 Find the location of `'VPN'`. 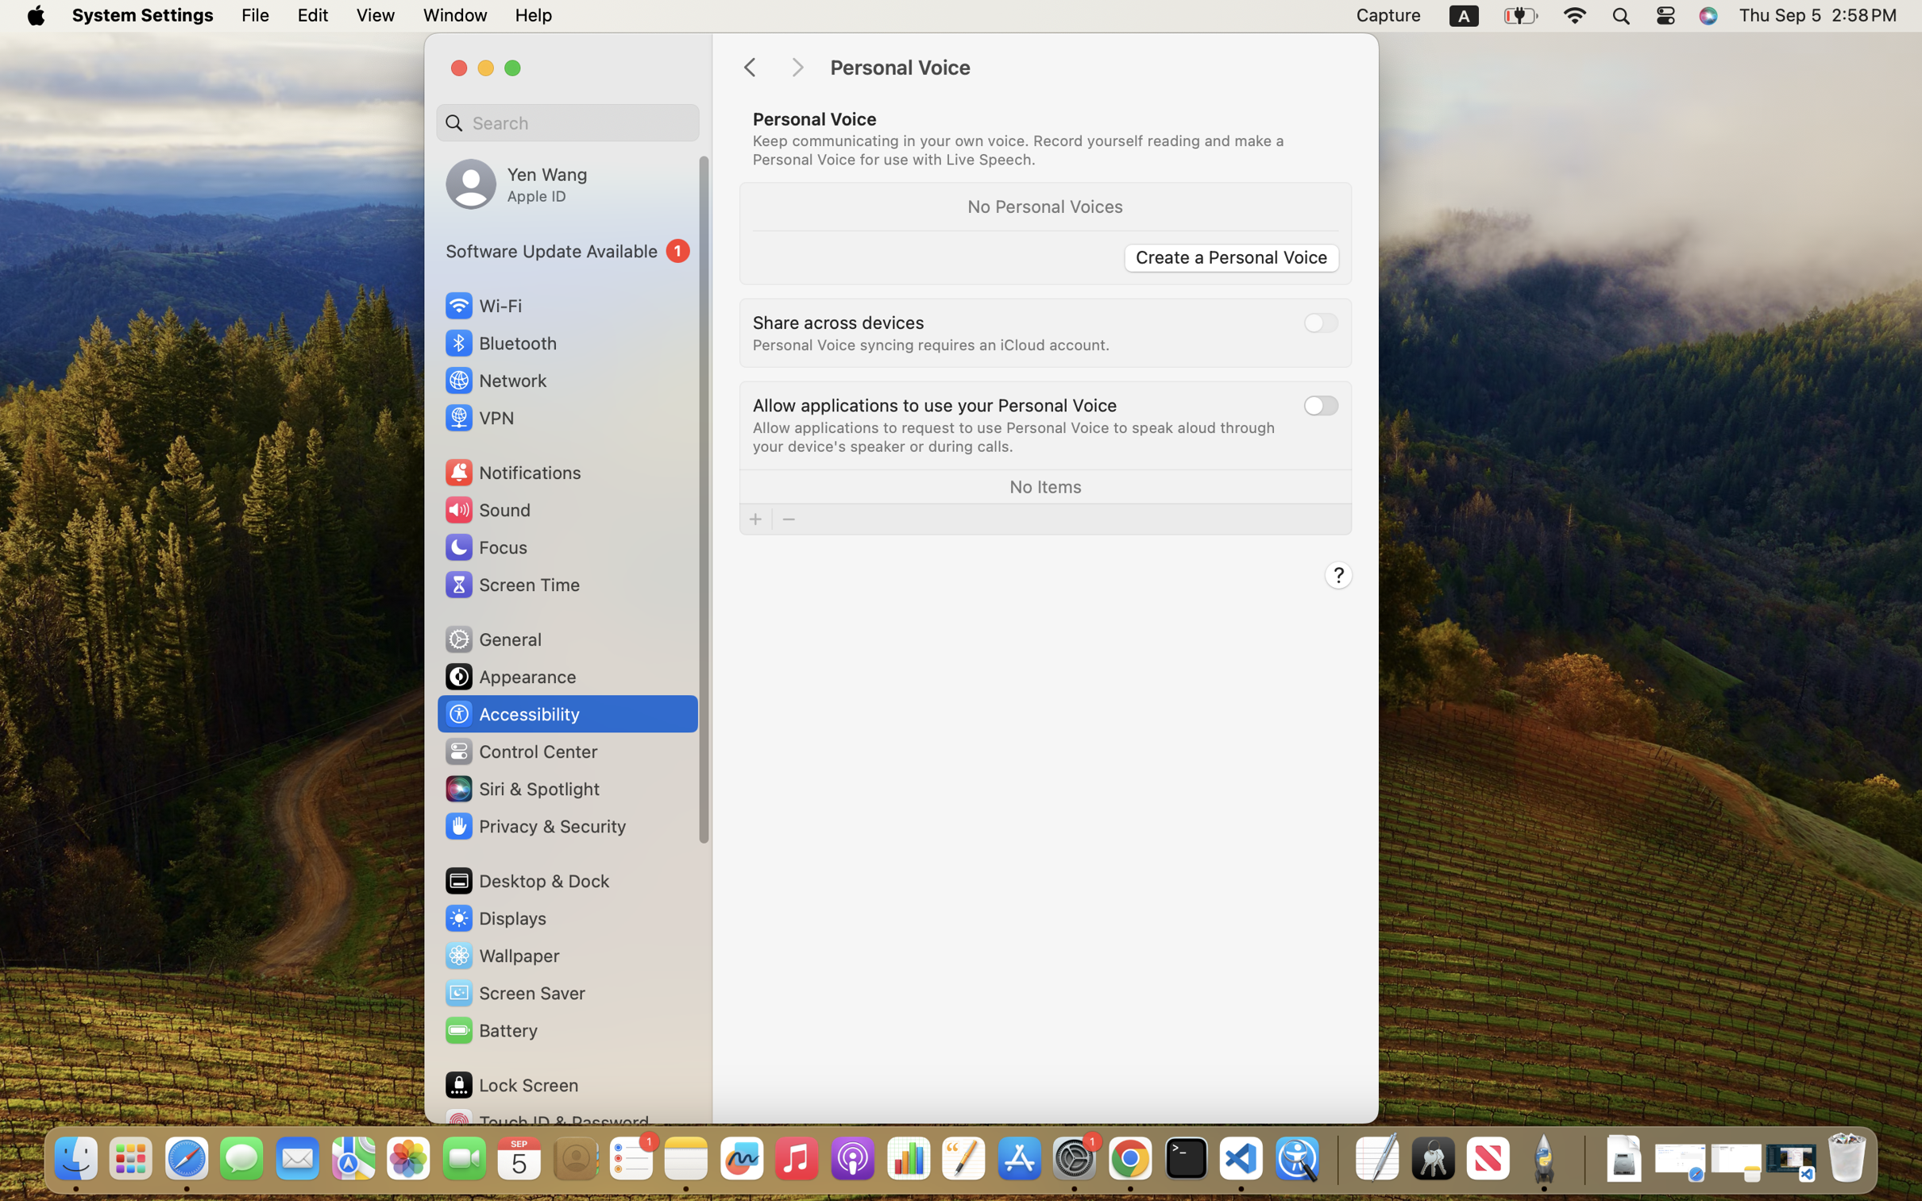

'VPN' is located at coordinates (478, 418).